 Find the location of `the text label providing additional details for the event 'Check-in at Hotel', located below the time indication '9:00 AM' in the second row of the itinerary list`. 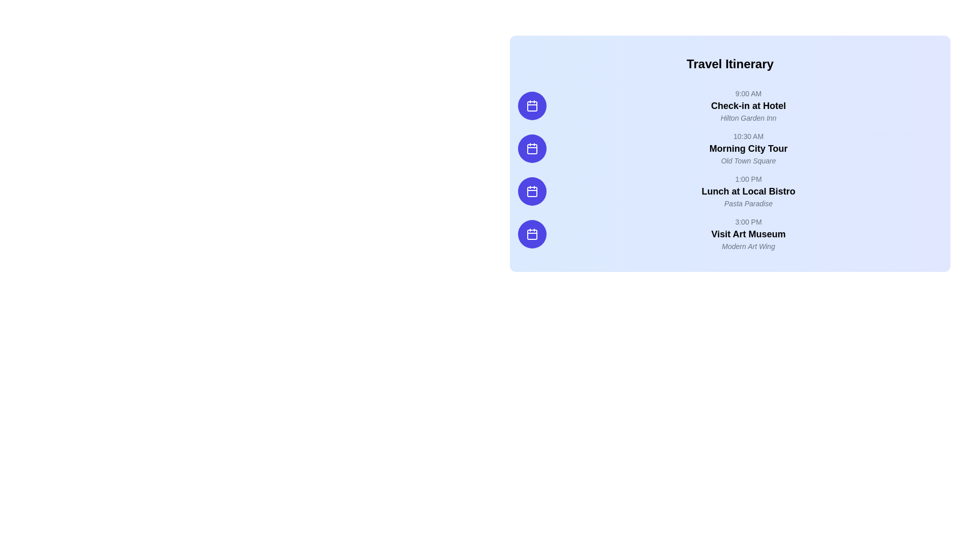

the text label providing additional details for the event 'Check-in at Hotel', located below the time indication '9:00 AM' in the second row of the itinerary list is located at coordinates (748, 117).